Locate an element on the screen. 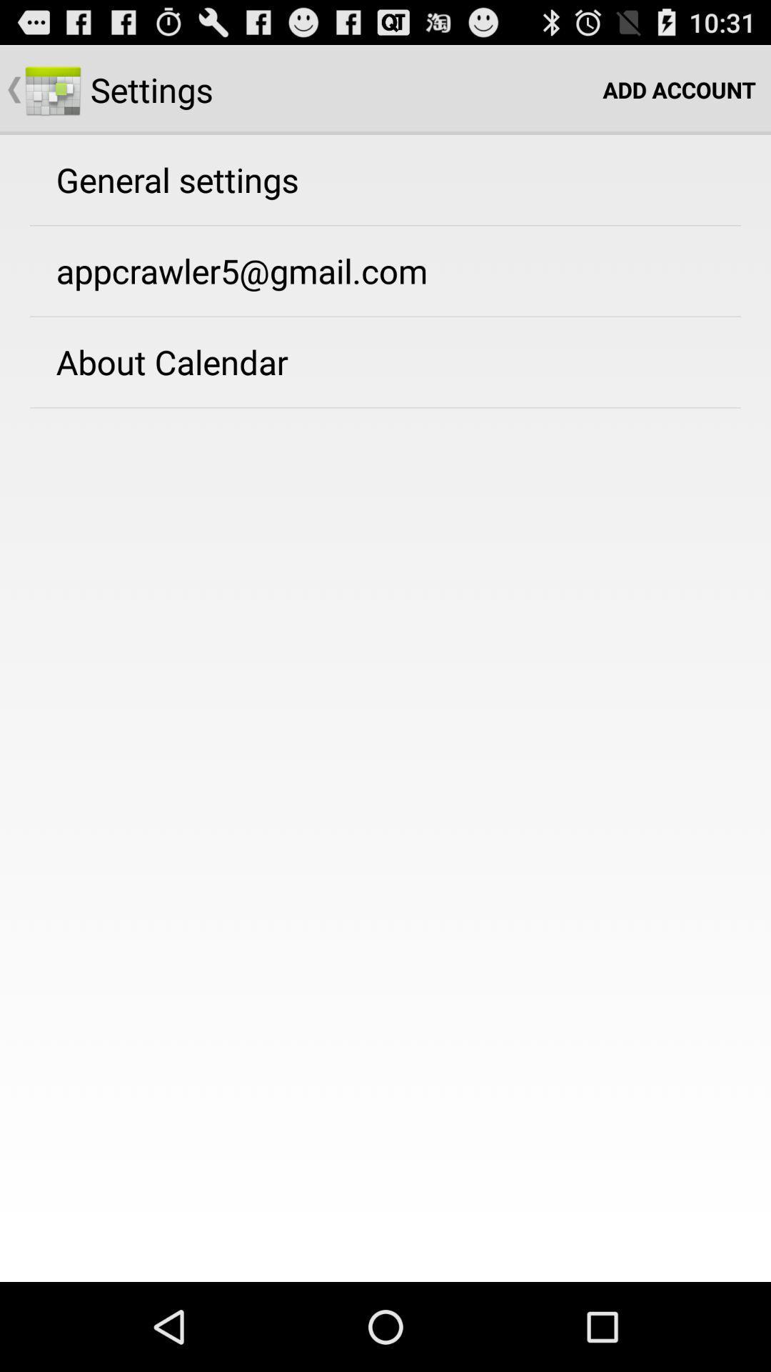 The width and height of the screenshot is (771, 1372). appcrawler5@gmail.com item is located at coordinates (241, 271).